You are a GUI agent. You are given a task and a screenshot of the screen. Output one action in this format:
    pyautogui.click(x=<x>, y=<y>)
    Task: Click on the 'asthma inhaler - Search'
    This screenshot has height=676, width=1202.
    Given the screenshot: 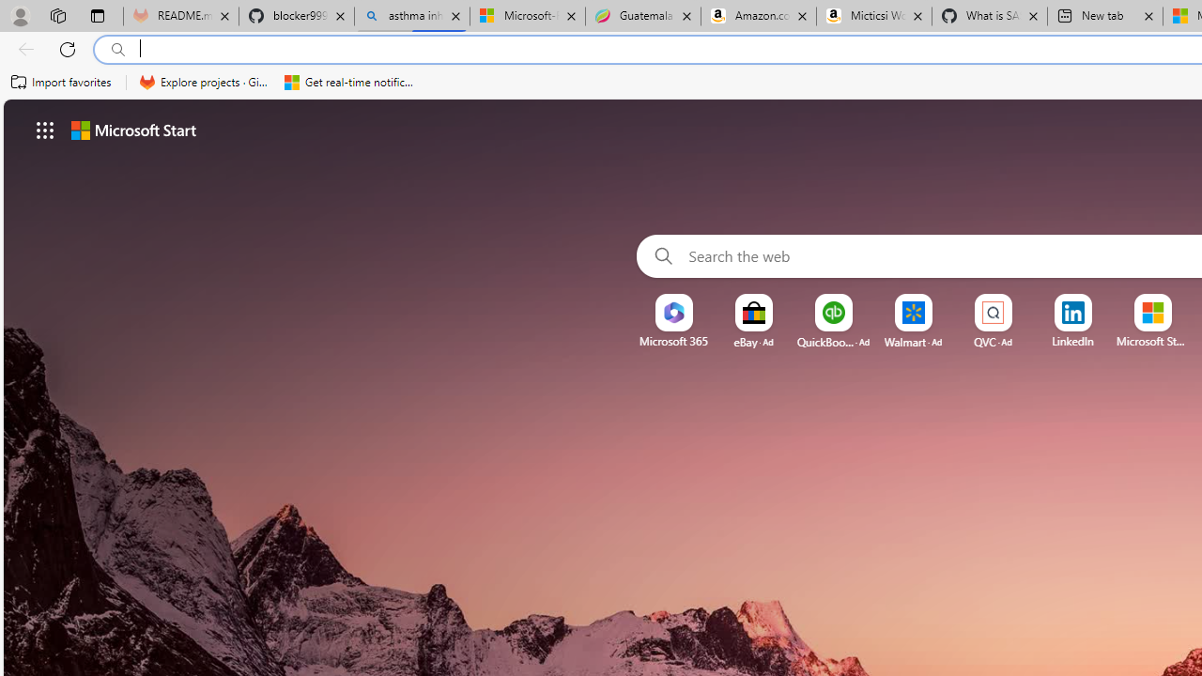 What is the action you would take?
    pyautogui.click(x=411, y=16)
    